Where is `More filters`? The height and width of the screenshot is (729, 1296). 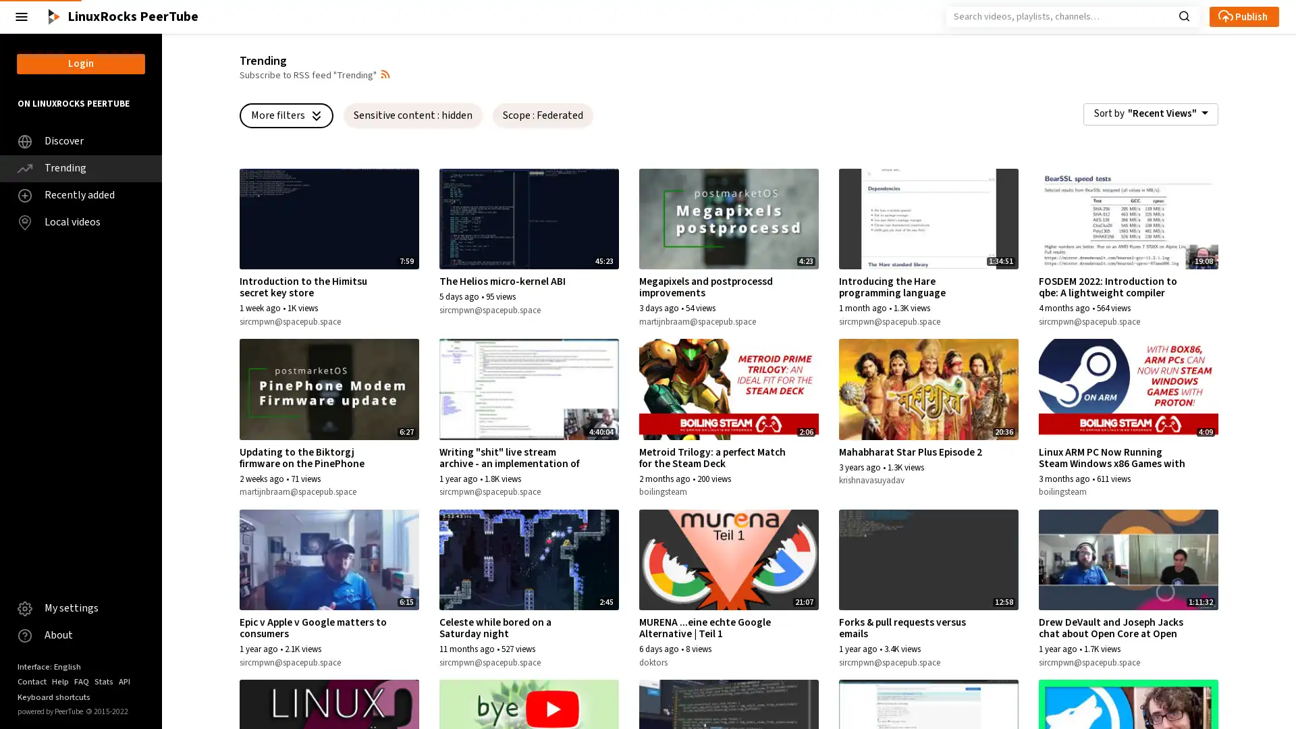
More filters is located at coordinates (286, 114).